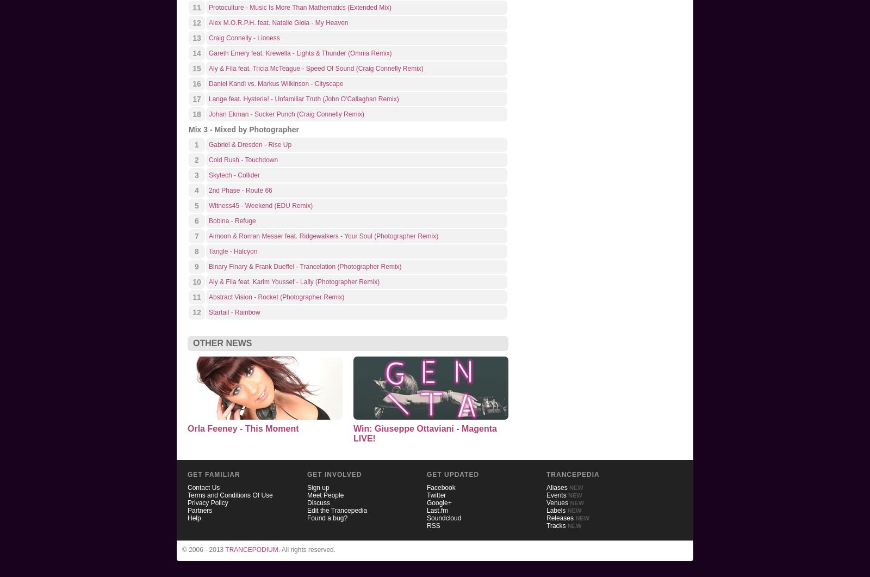  What do you see at coordinates (426, 503) in the screenshot?
I see `'Google+'` at bounding box center [426, 503].